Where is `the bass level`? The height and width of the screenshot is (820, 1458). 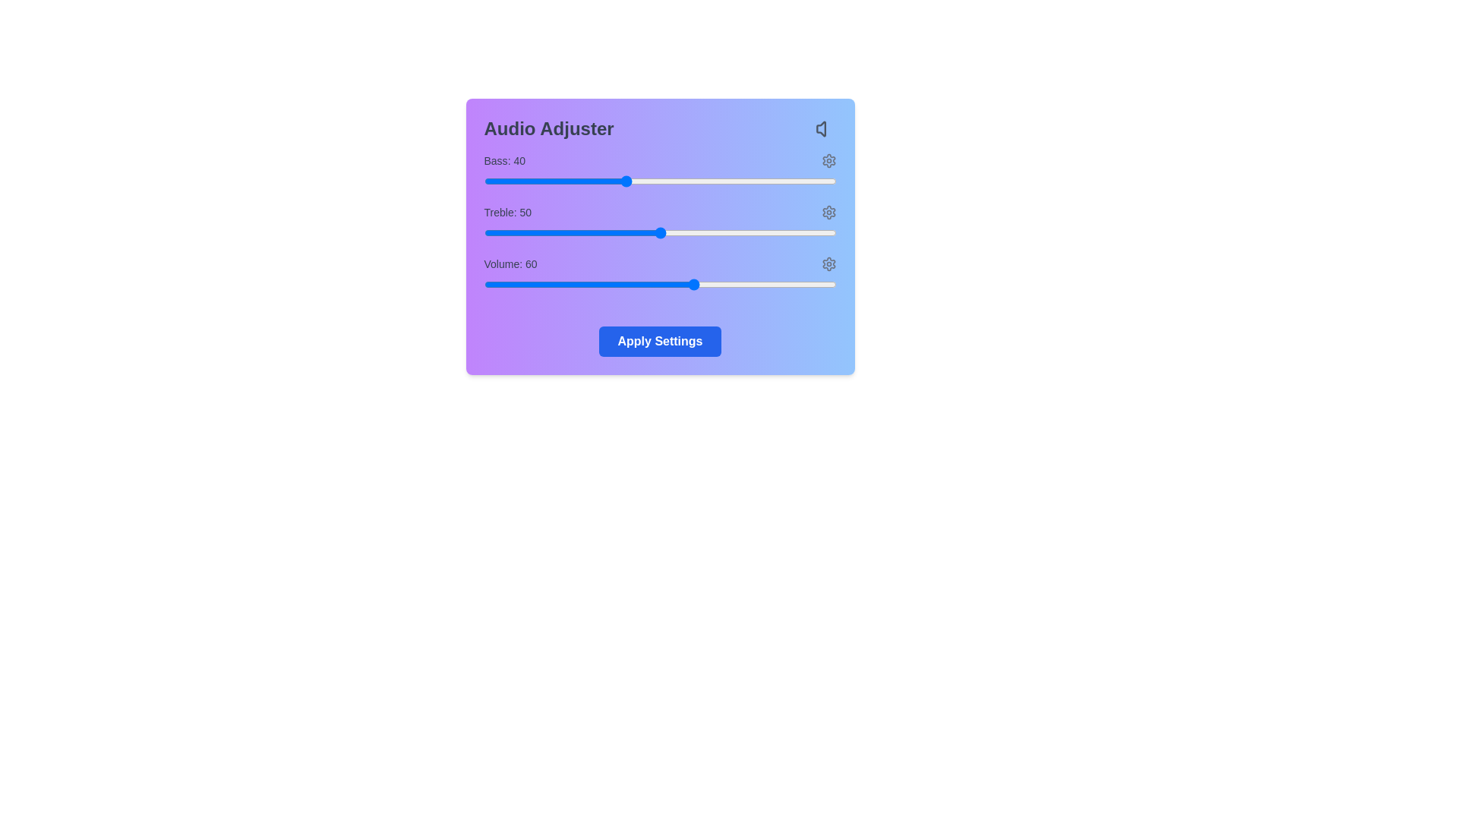
the bass level is located at coordinates (702, 181).